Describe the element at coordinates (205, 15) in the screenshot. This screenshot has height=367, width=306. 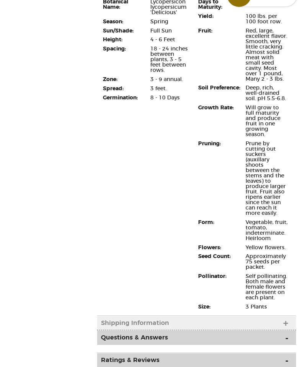
I see `'Yield:'` at that location.